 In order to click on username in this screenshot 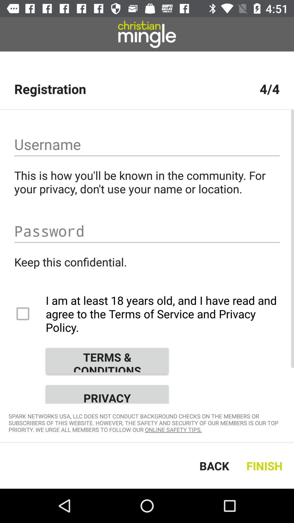, I will do `click(147, 144)`.